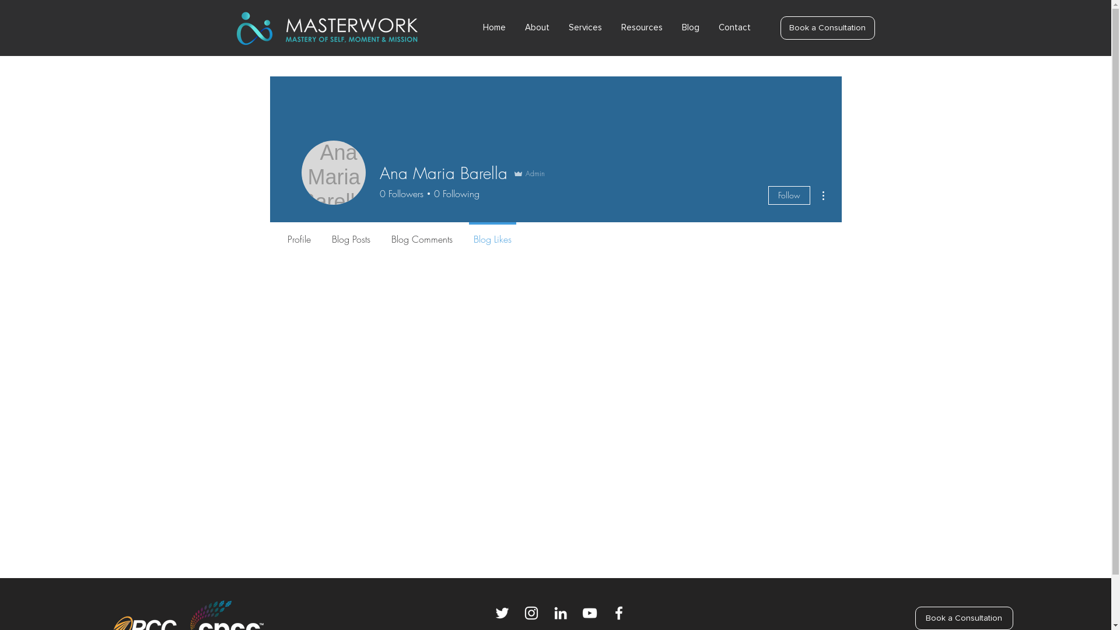 The image size is (1120, 630). What do you see at coordinates (789, 195) in the screenshot?
I see `'Follow'` at bounding box center [789, 195].